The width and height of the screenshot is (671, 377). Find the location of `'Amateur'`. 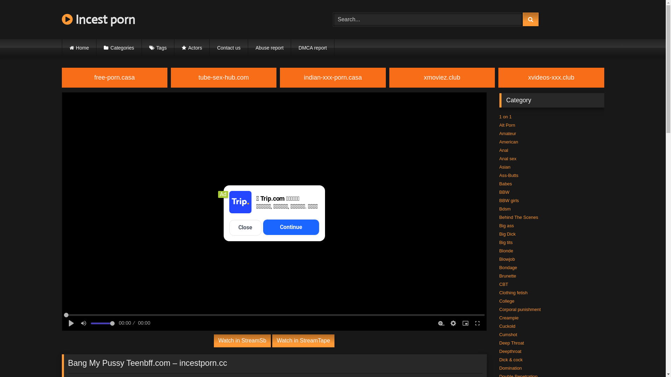

'Amateur' is located at coordinates (507, 133).